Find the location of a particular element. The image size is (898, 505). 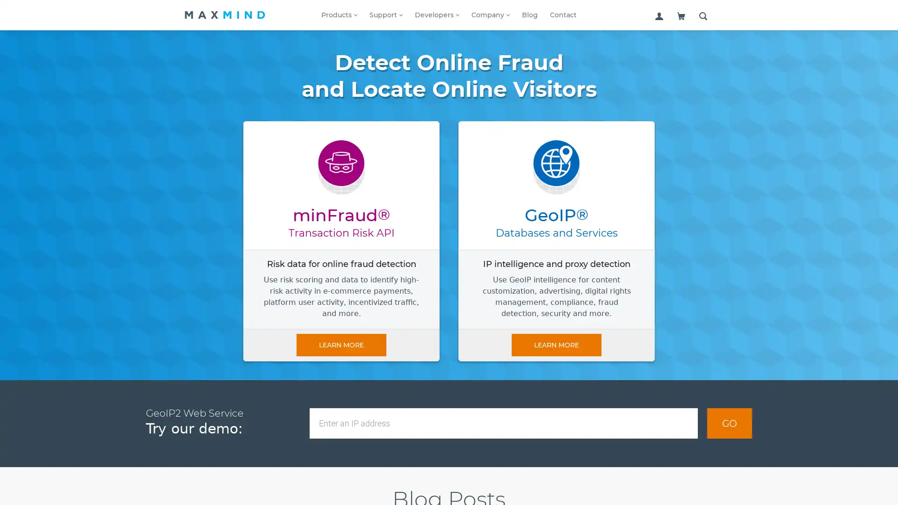

go is located at coordinates (729, 423).